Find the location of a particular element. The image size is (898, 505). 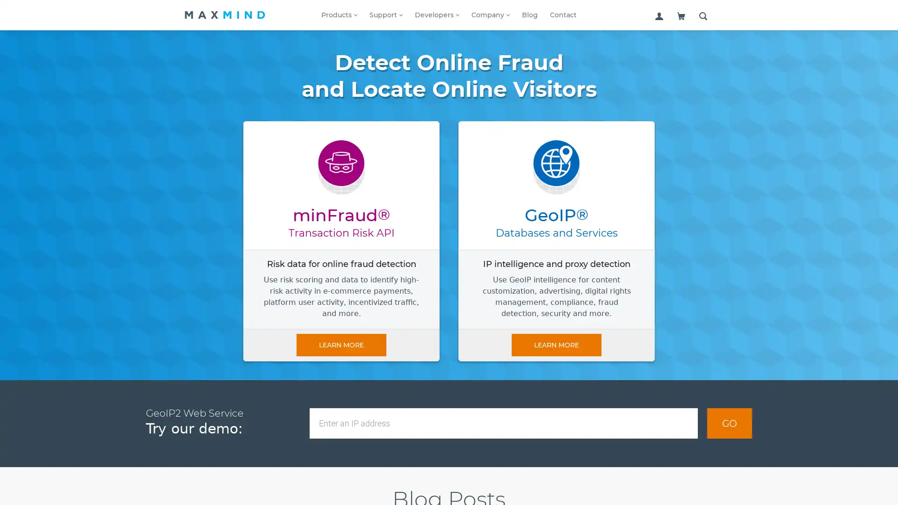

go is located at coordinates (729, 423).